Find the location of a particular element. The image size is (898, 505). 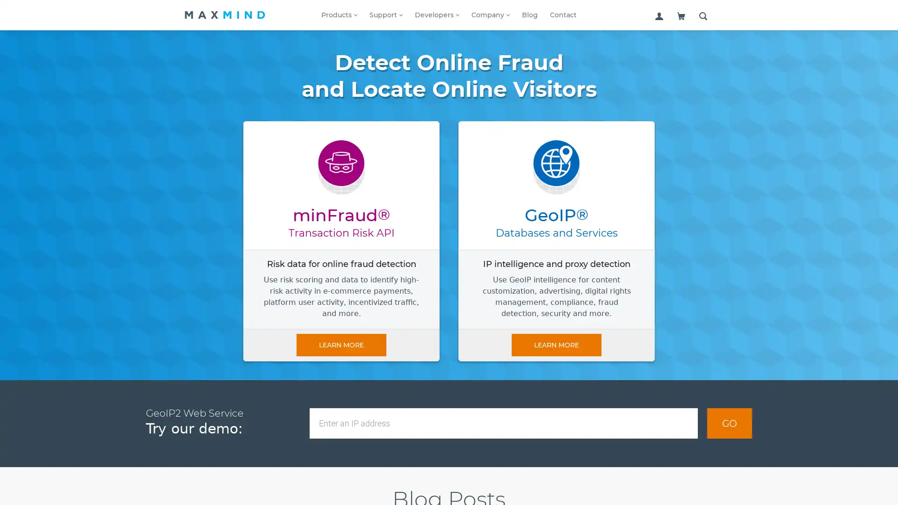

go is located at coordinates (729, 423).